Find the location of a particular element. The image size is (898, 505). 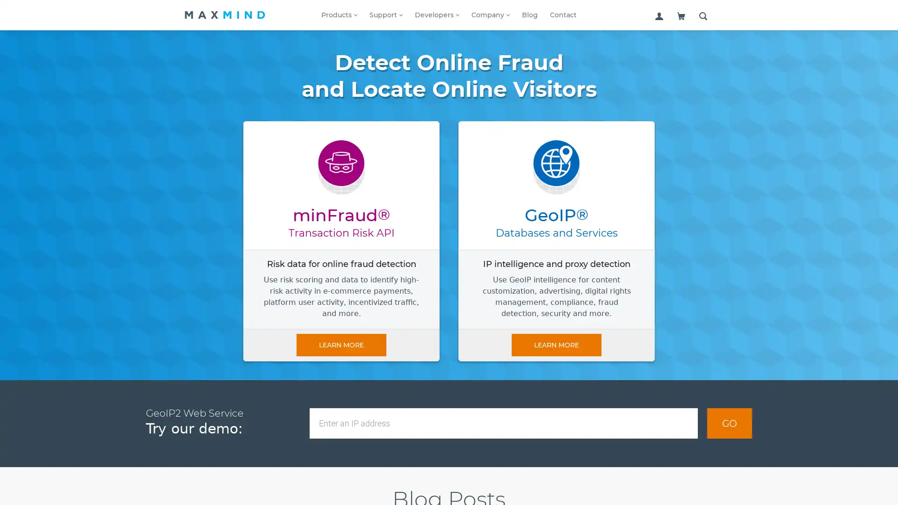

go is located at coordinates (729, 423).